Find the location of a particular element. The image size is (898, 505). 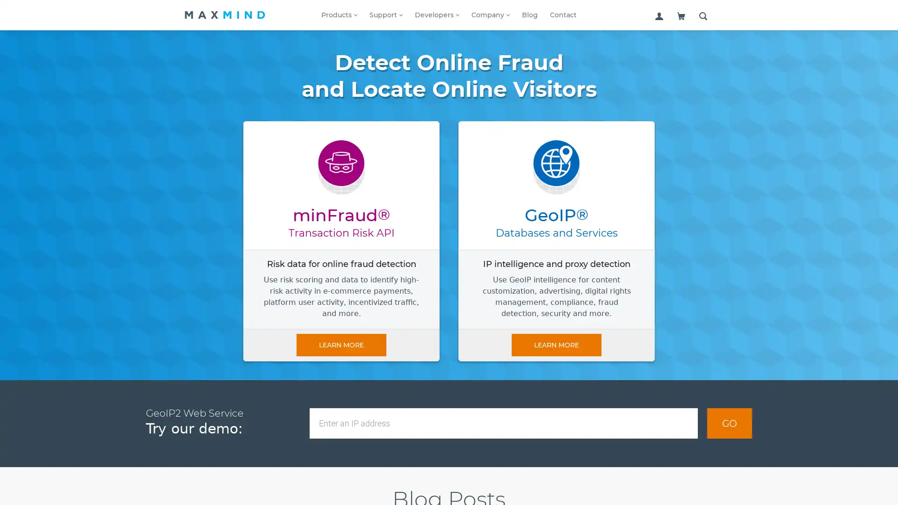

go is located at coordinates (729, 423).